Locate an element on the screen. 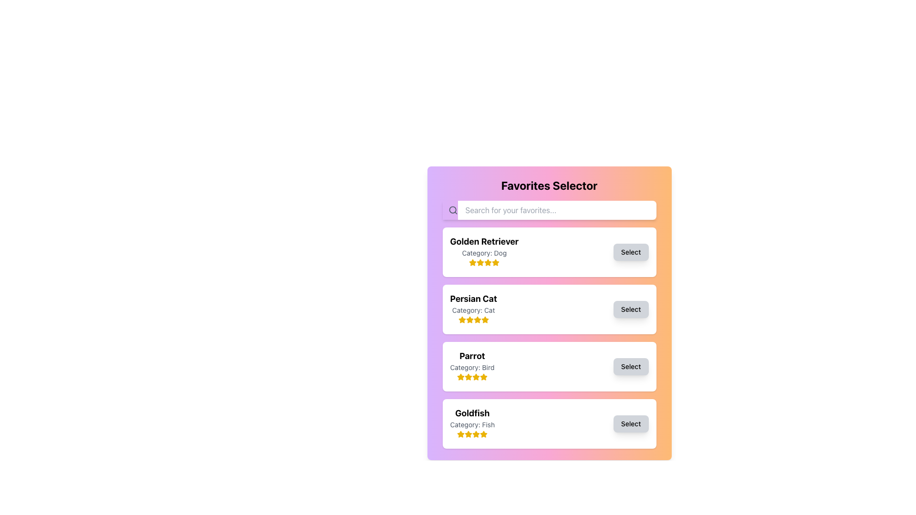 Image resolution: width=916 pixels, height=515 pixels. the fifth yellow star icon in the rating system for the 'Goldfish' item is located at coordinates (476, 434).